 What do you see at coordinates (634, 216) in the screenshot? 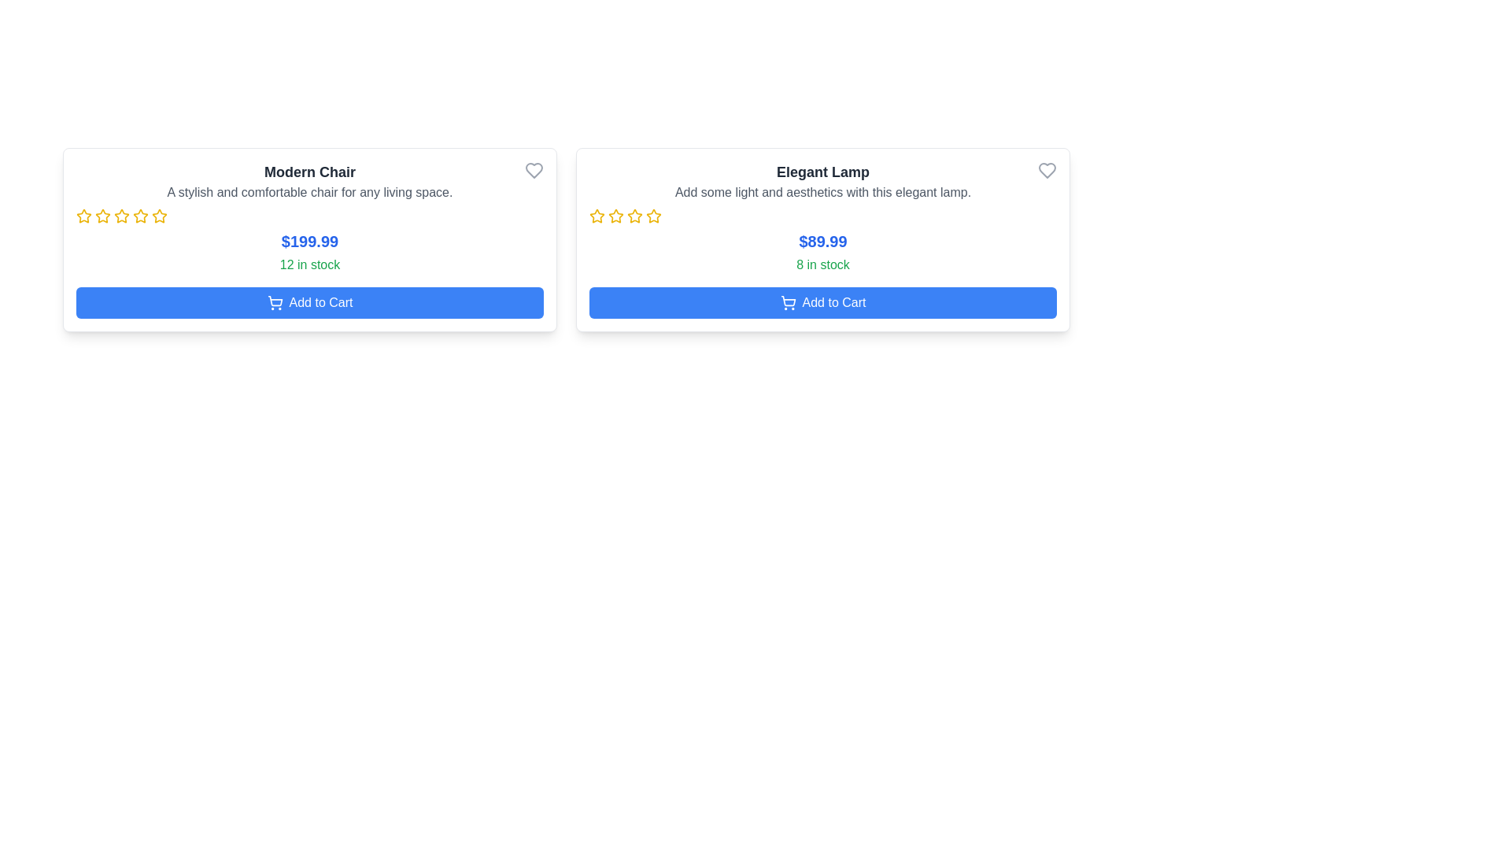
I see `the fourth star in the rating system on the Elegant Lamp product card to signify a rating level` at bounding box center [634, 216].